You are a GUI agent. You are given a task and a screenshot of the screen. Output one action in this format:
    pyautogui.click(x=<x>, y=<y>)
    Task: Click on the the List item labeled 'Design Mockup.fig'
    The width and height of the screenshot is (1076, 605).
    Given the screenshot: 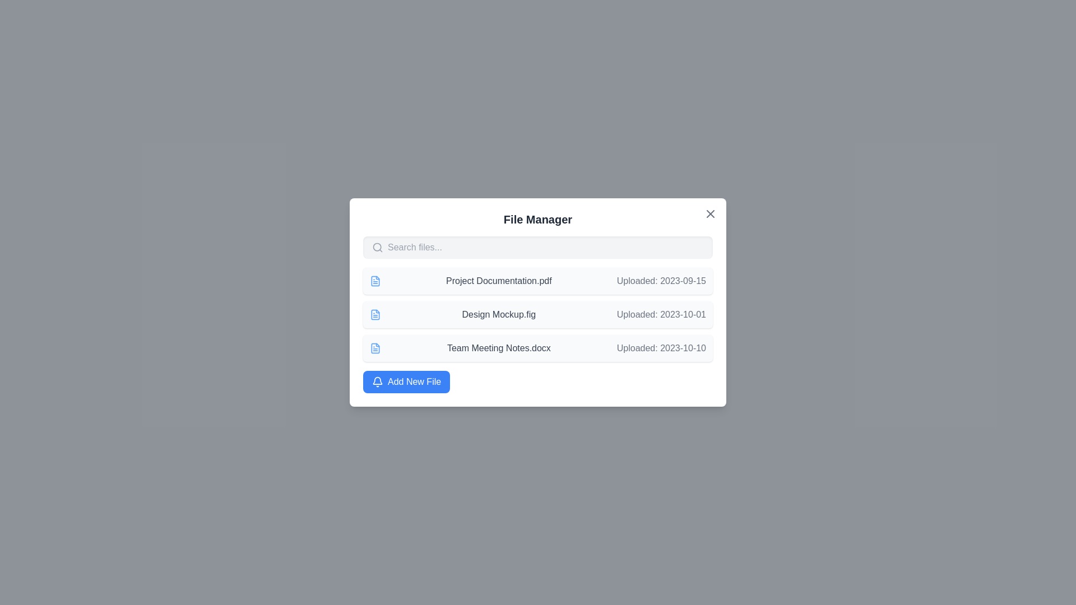 What is the action you would take?
    pyautogui.click(x=538, y=315)
    